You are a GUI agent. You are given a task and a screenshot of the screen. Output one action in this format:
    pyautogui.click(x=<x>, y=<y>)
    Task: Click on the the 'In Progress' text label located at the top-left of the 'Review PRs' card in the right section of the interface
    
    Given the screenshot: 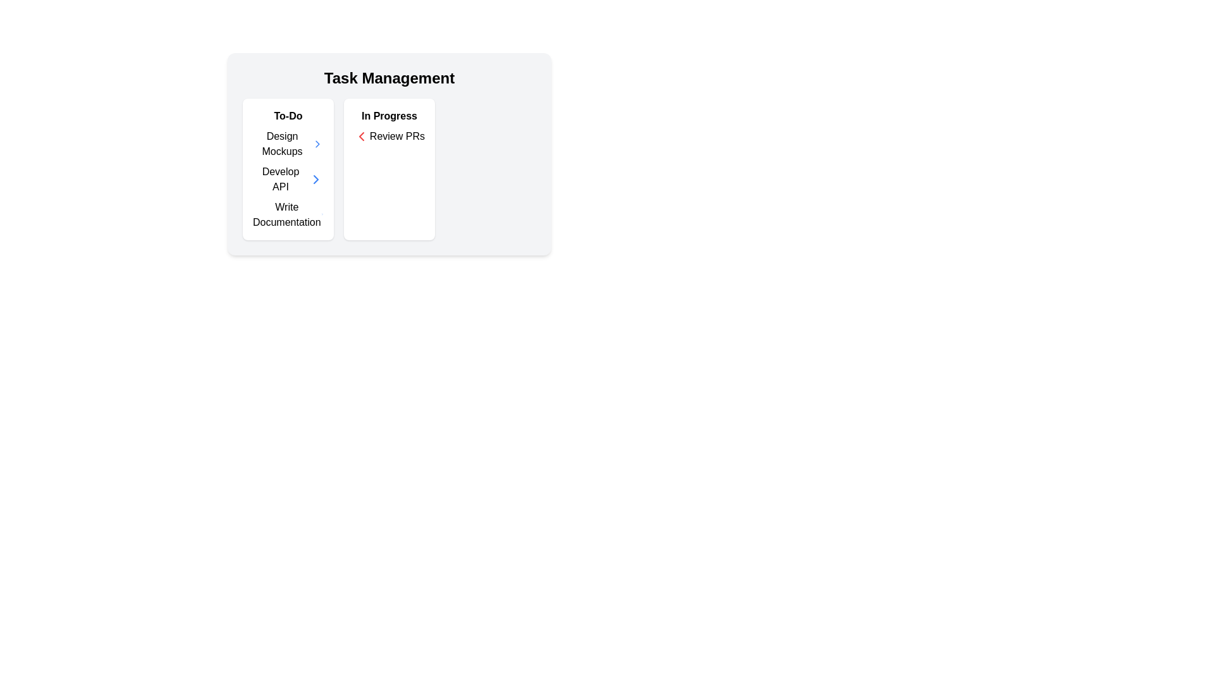 What is the action you would take?
    pyautogui.click(x=388, y=116)
    